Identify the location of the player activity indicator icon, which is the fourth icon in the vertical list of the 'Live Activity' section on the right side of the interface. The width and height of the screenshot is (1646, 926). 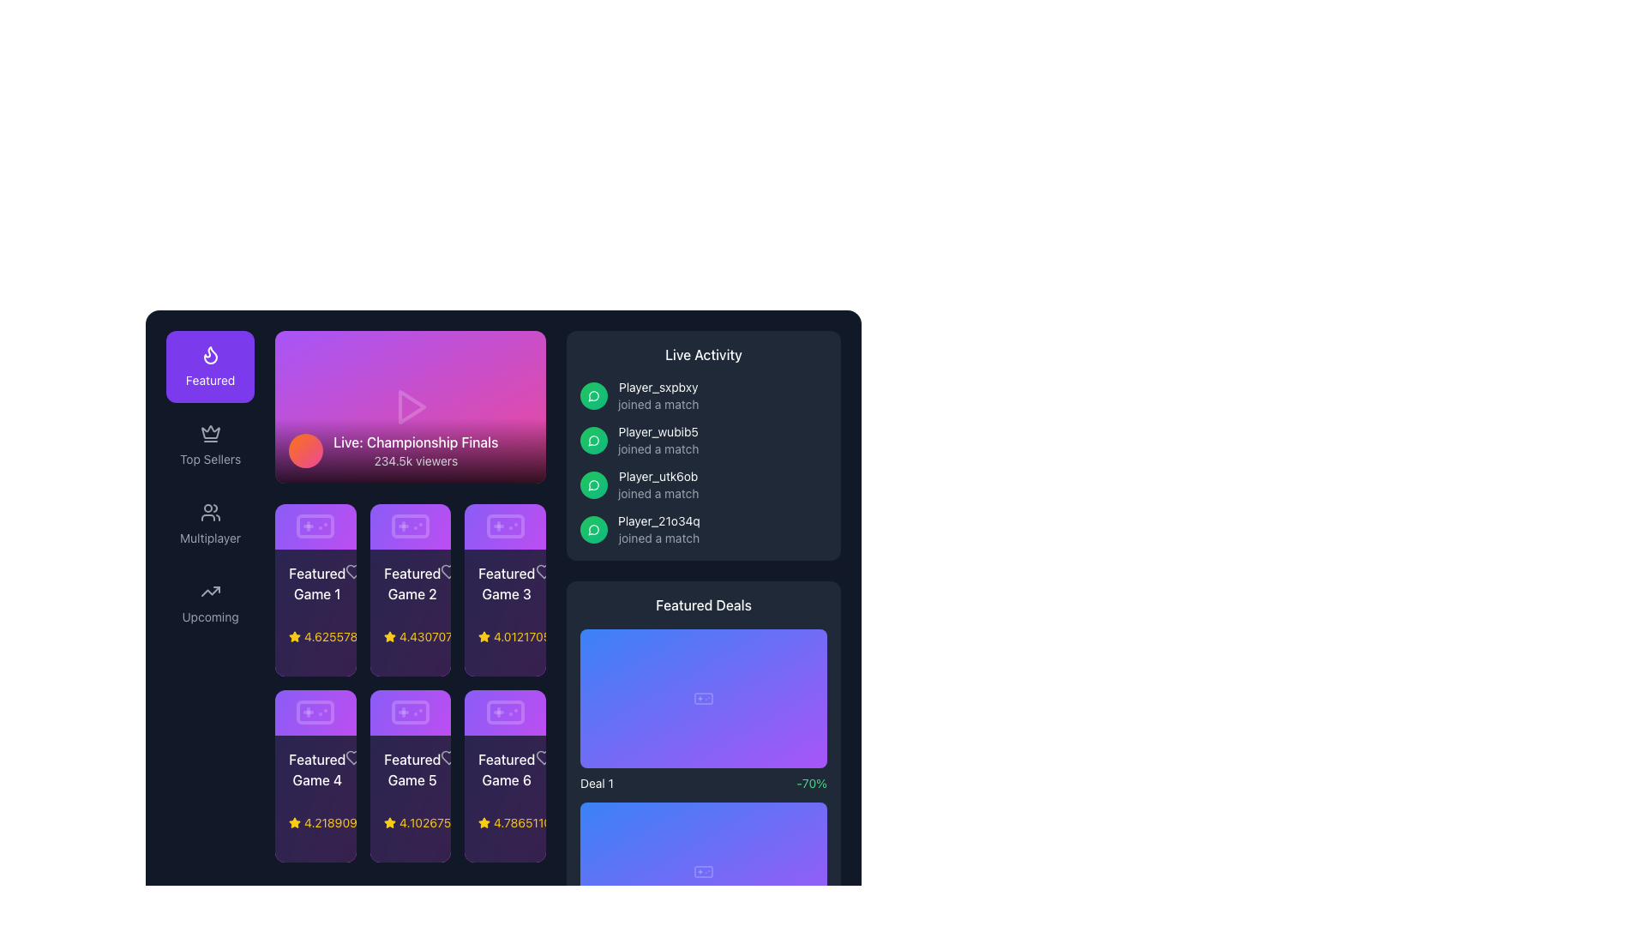
(593, 528).